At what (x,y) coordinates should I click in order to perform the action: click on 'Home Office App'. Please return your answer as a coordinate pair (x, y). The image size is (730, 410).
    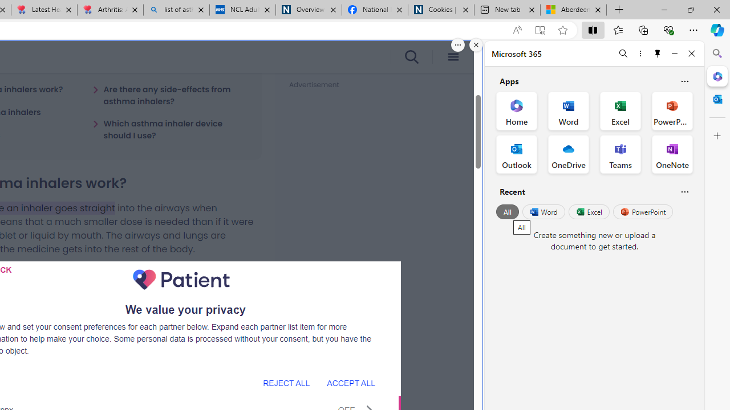
    Looking at the image, I should click on (516, 111).